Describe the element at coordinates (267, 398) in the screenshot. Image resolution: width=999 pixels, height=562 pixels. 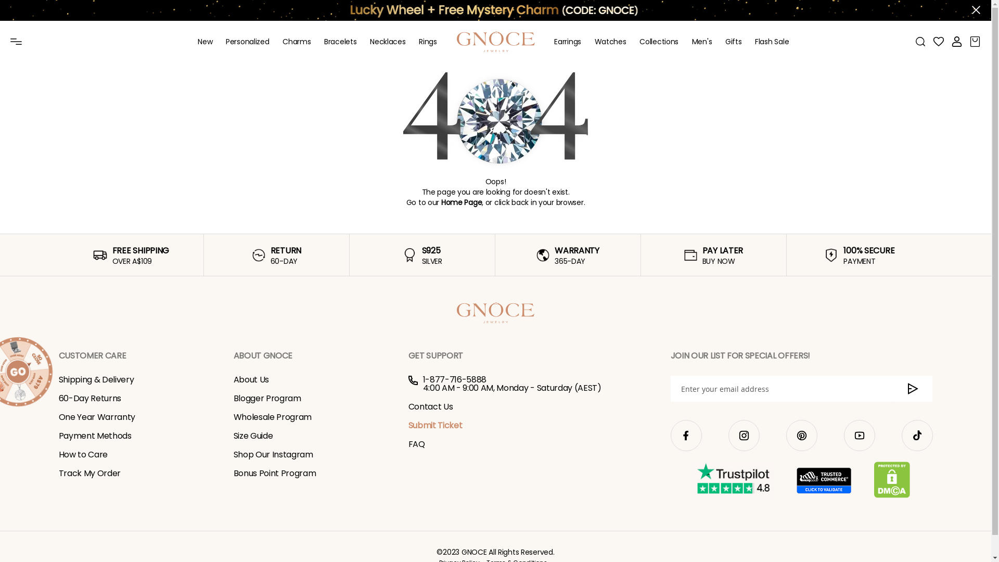
I see `'Blogger Program'` at that location.